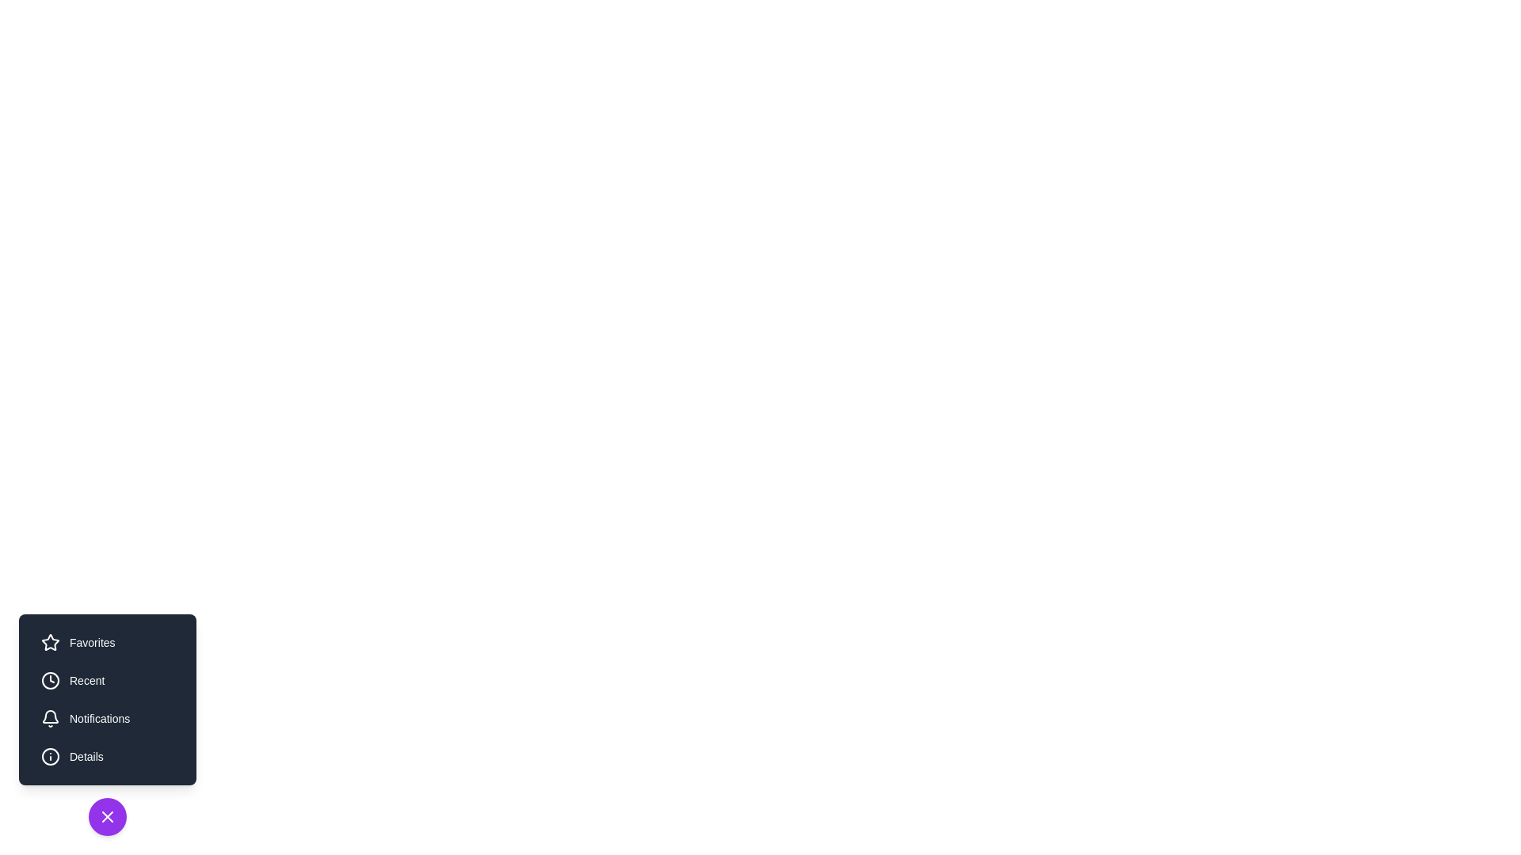 The height and width of the screenshot is (855, 1521). What do you see at coordinates (106, 680) in the screenshot?
I see `the Recent button to trigger its action` at bounding box center [106, 680].